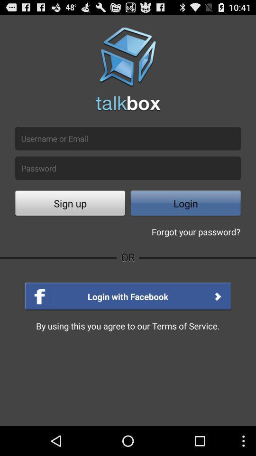 This screenshot has height=456, width=256. Describe the element at coordinates (70, 204) in the screenshot. I see `the sign up which is there in white color` at that location.